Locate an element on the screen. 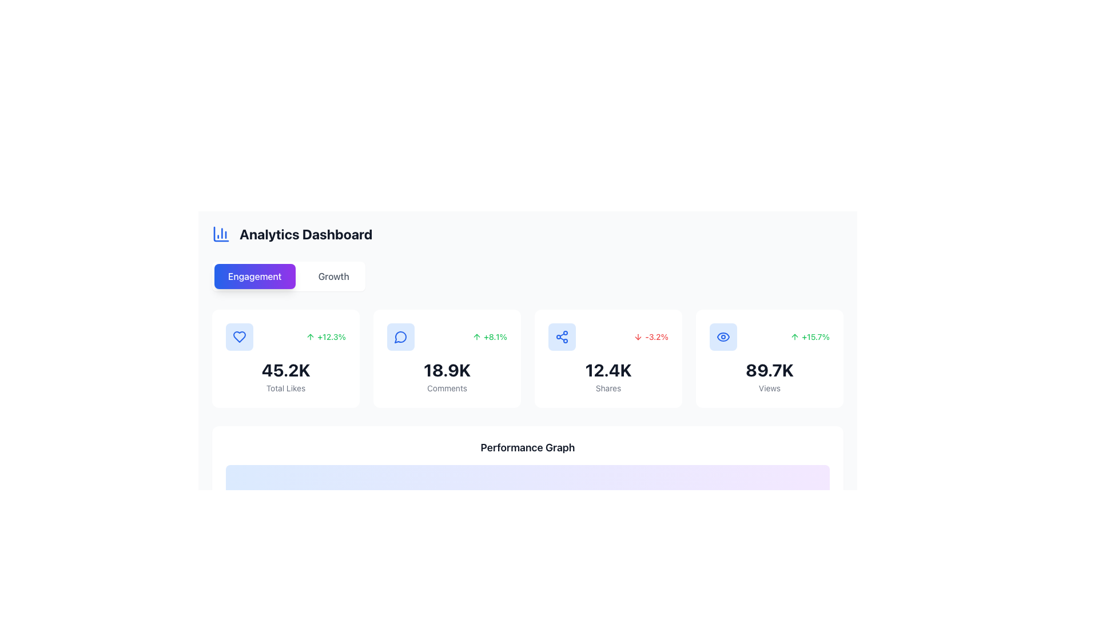  the leftmost button in the horizontal group near the top left corner of the interface is located at coordinates (254, 276).